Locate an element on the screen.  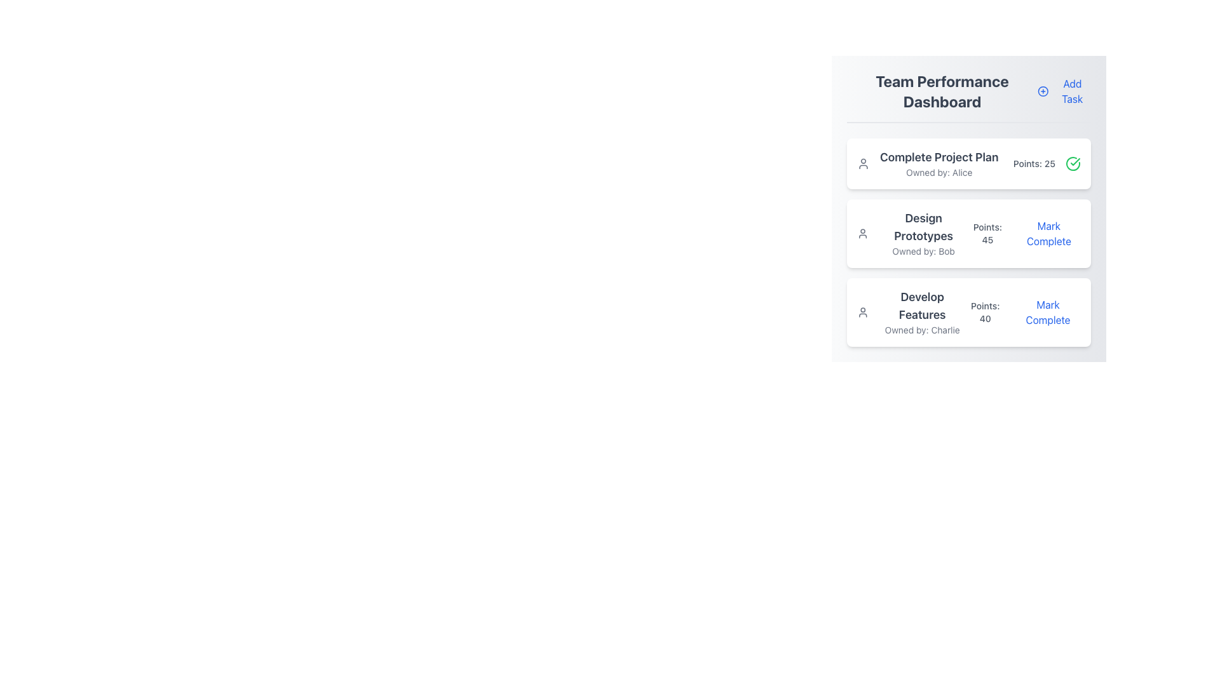
the informational text label that displays 'Develop Features' in bold with the subtext 'Owned by: Charlie' and includes a user avatar icon to the left is located at coordinates (911, 313).